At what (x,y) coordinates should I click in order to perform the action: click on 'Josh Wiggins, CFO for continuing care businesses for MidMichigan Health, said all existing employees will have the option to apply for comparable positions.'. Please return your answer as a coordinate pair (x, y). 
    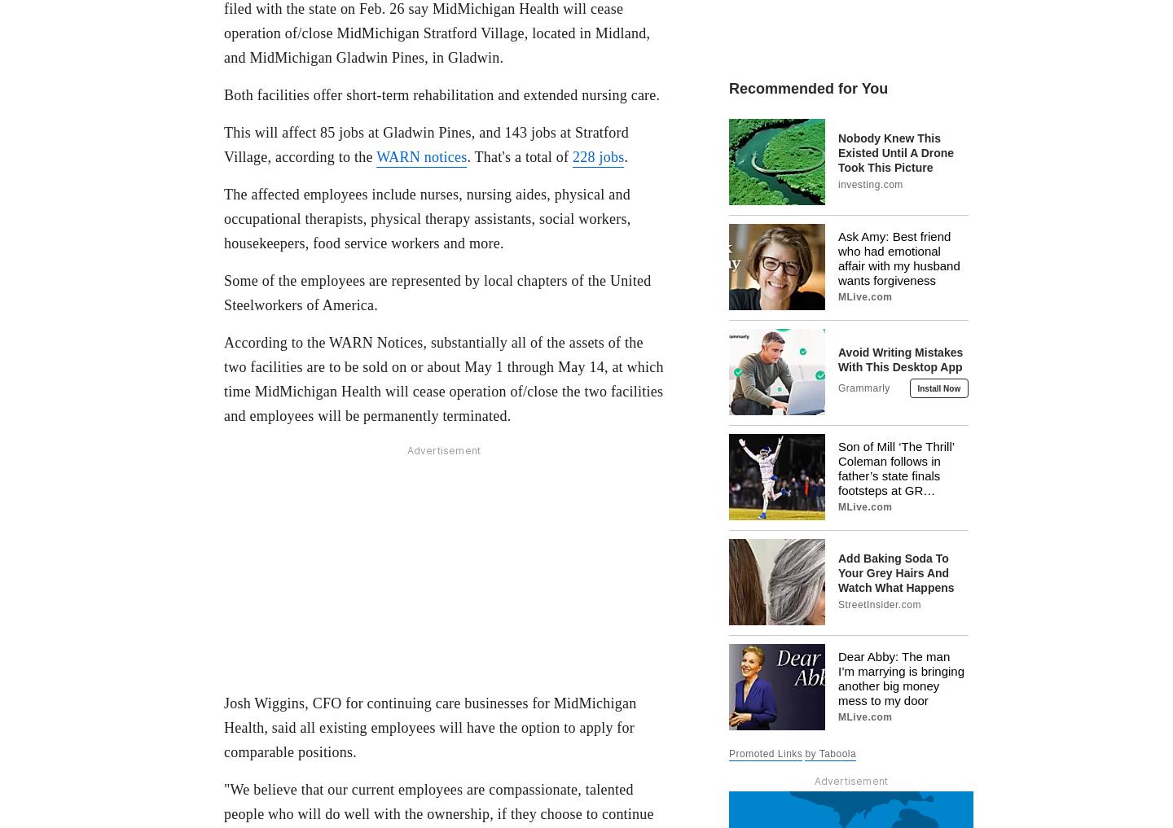
    Looking at the image, I should click on (223, 727).